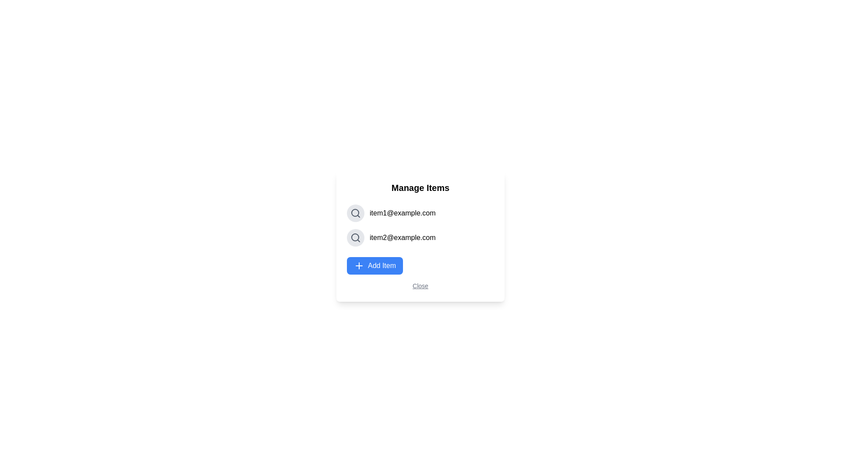 Image resolution: width=841 pixels, height=473 pixels. I want to click on the email text of the second item to select it, so click(402, 238).